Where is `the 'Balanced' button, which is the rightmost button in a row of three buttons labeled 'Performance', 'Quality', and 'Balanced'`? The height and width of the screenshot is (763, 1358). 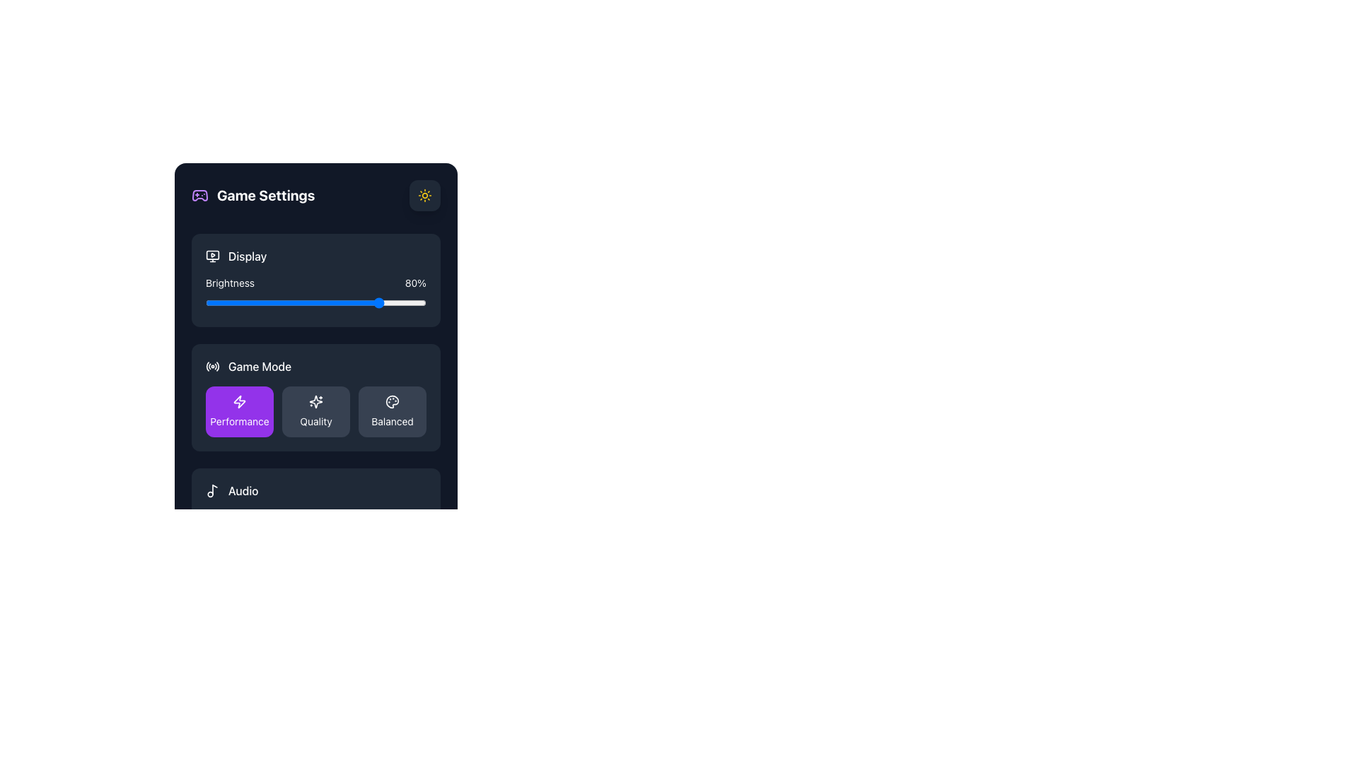
the 'Balanced' button, which is the rightmost button in a row of three buttons labeled 'Performance', 'Quality', and 'Balanced' is located at coordinates (393, 411).